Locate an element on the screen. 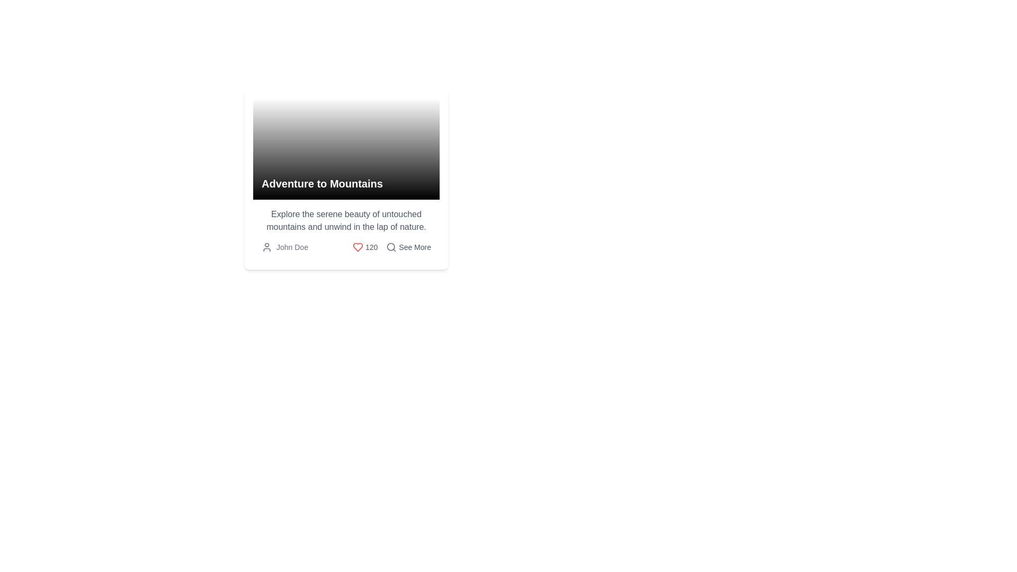  the search/explore icon located to the left of the 'See More' text in the lower section of the card is located at coordinates (391, 247).